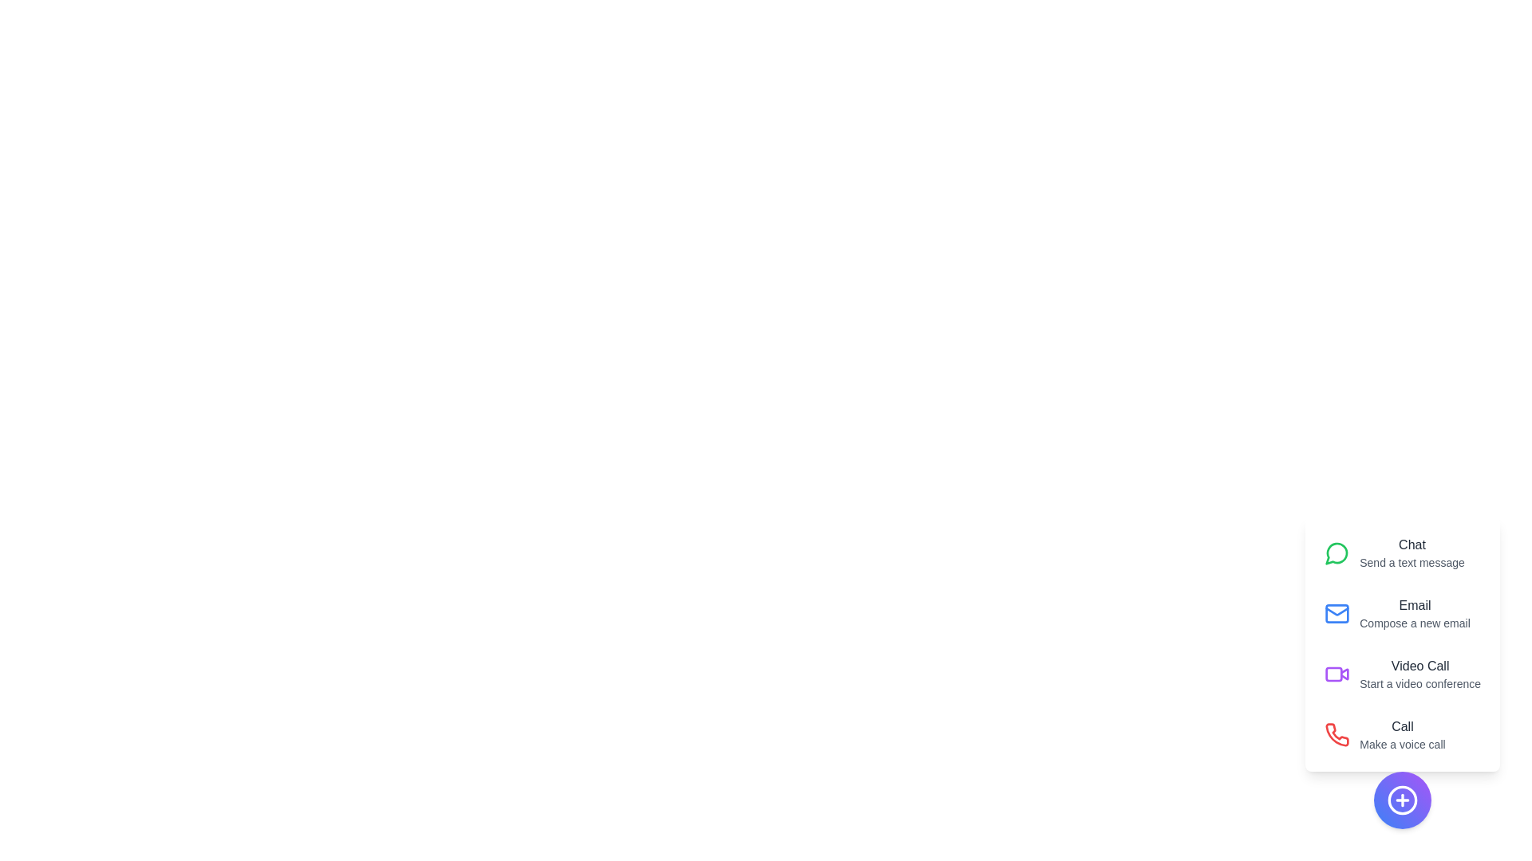  What do you see at coordinates (1401, 800) in the screenshot?
I see `floating action button to toggle the visibility of the communication speed dial menu` at bounding box center [1401, 800].